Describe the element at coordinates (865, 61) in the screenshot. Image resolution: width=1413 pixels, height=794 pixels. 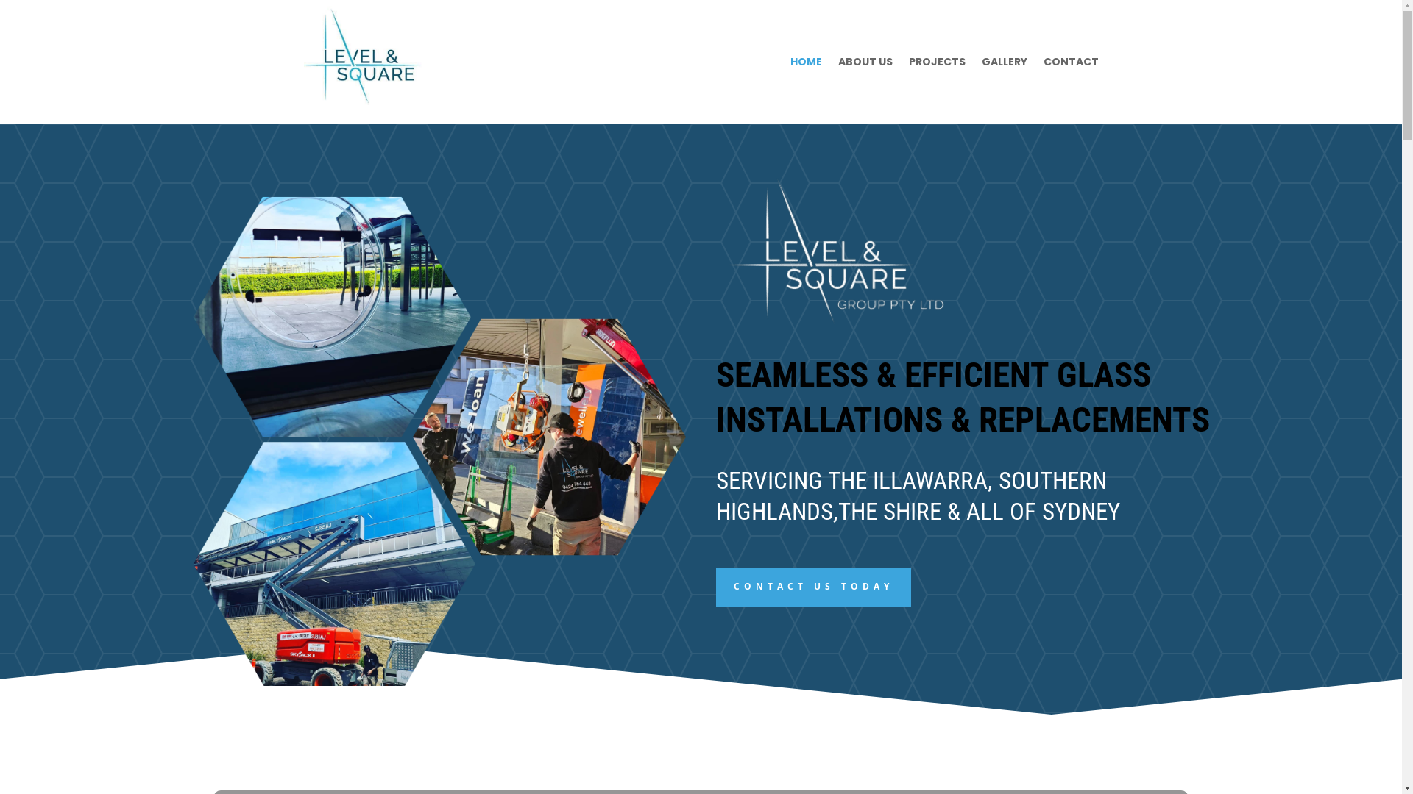
I see `'ABOUT US'` at that location.